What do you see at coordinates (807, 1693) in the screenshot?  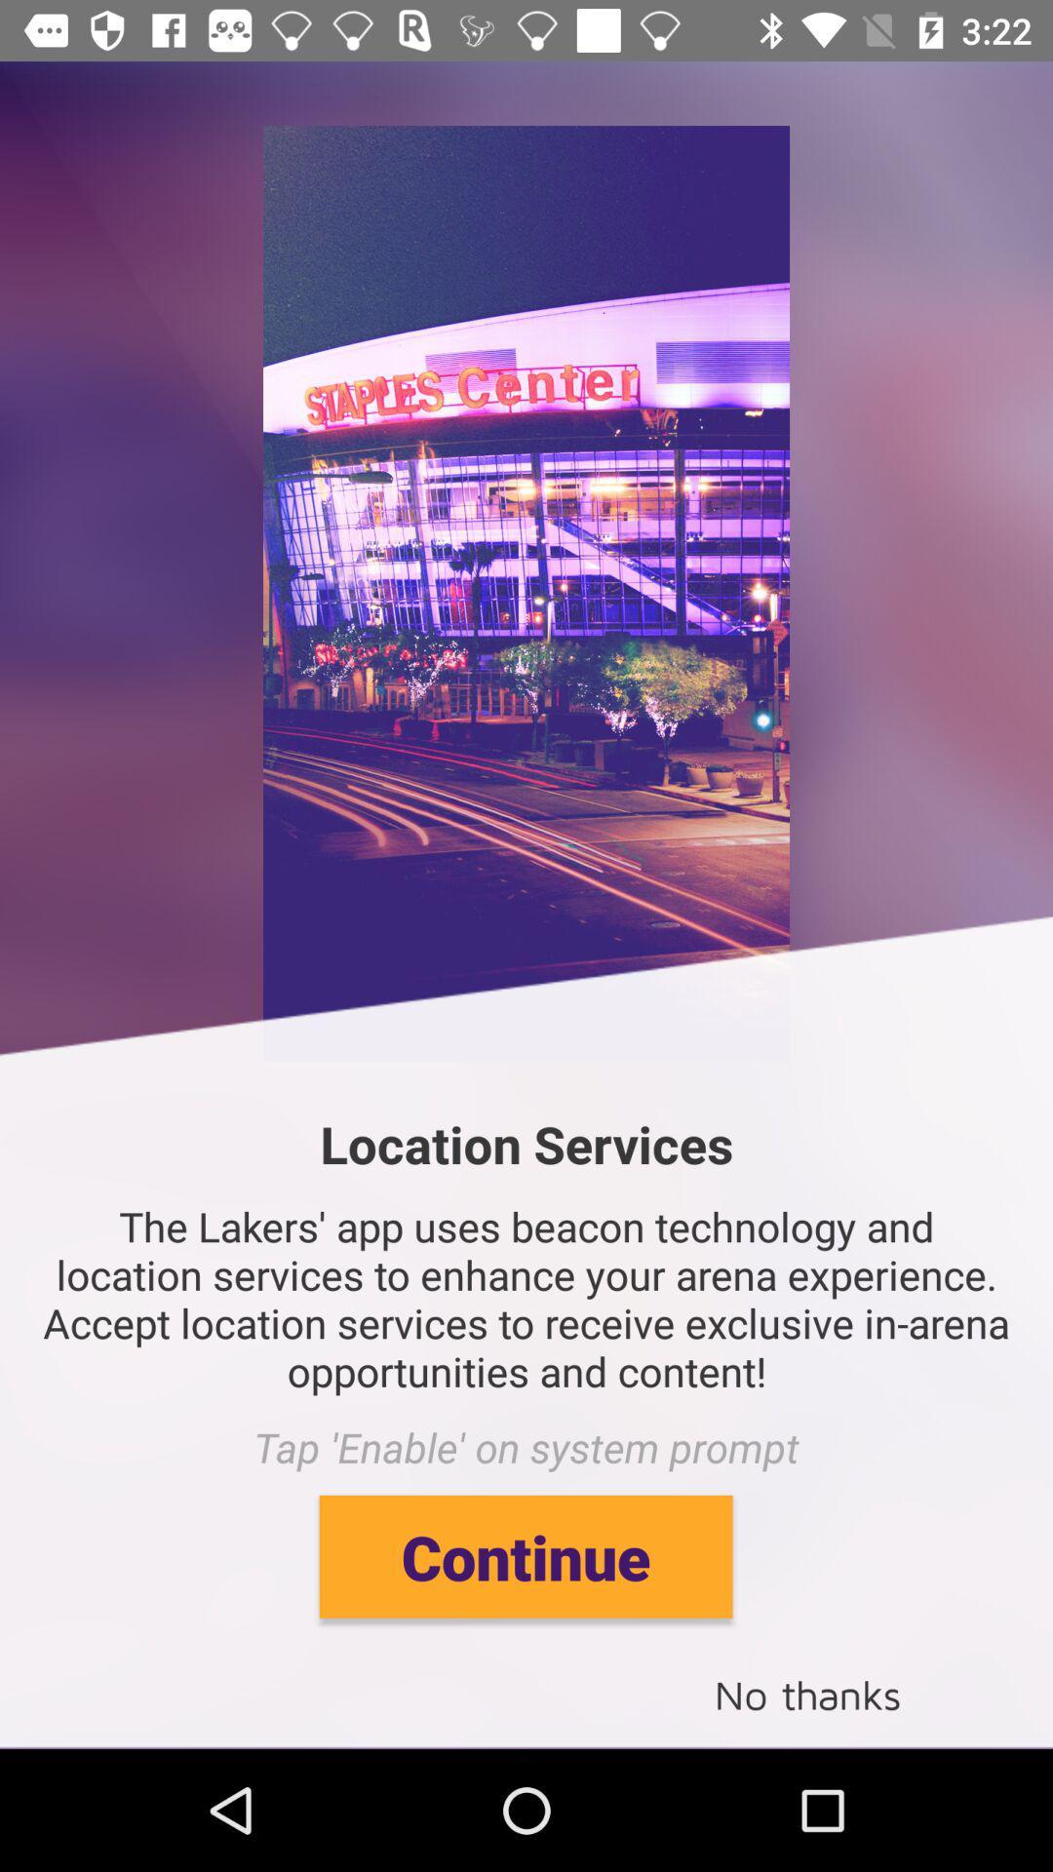 I see `the icon at the bottom right corner` at bounding box center [807, 1693].